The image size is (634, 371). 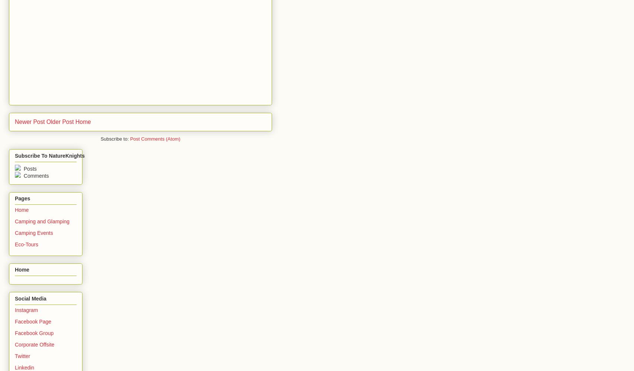 What do you see at coordinates (22, 355) in the screenshot?
I see `'Twitter'` at bounding box center [22, 355].